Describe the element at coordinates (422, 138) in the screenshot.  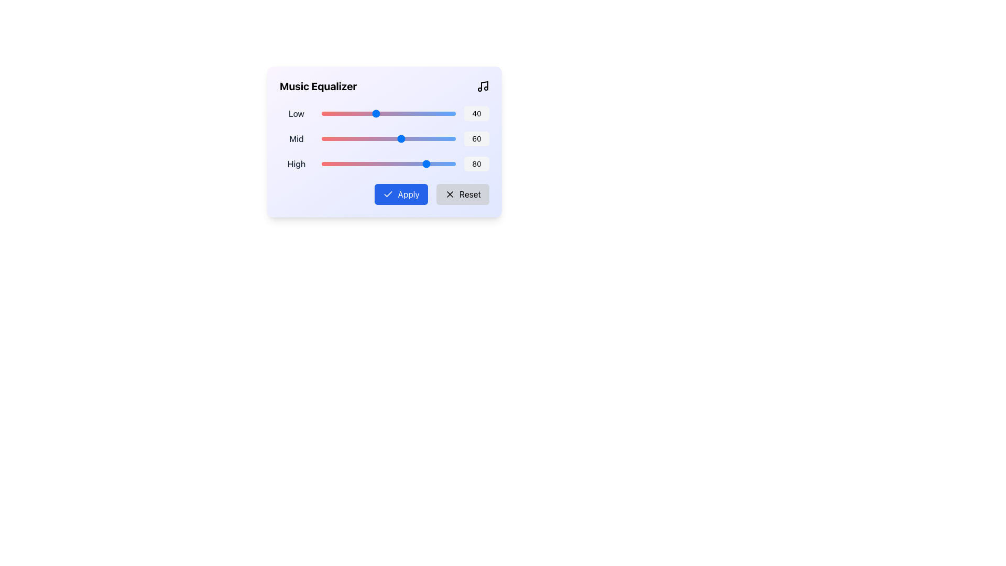
I see `the mid-range slider` at that location.